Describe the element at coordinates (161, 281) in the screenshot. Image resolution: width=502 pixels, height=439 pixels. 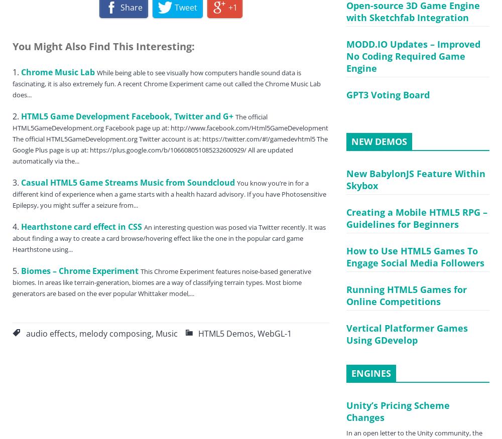
I see `'This Chrome Experiment features noise-based generative biomes. In areas like terrain-generation, biomes are a way of classifying terrain types. Most biome generators are based on the ever popular Whittaker model,...'` at that location.